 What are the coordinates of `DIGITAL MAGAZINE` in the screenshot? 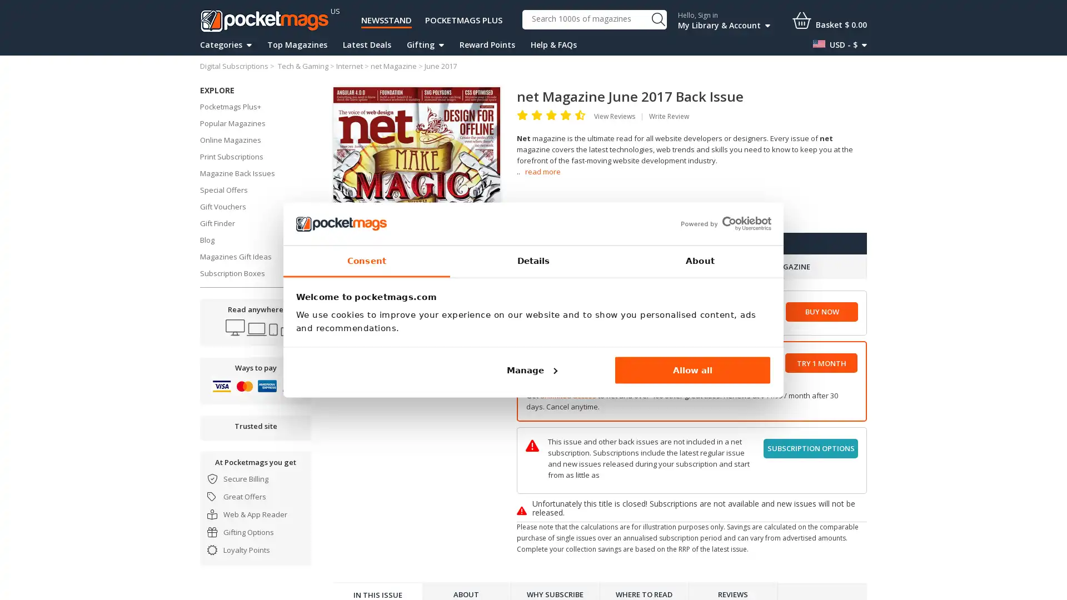 It's located at (604, 267).